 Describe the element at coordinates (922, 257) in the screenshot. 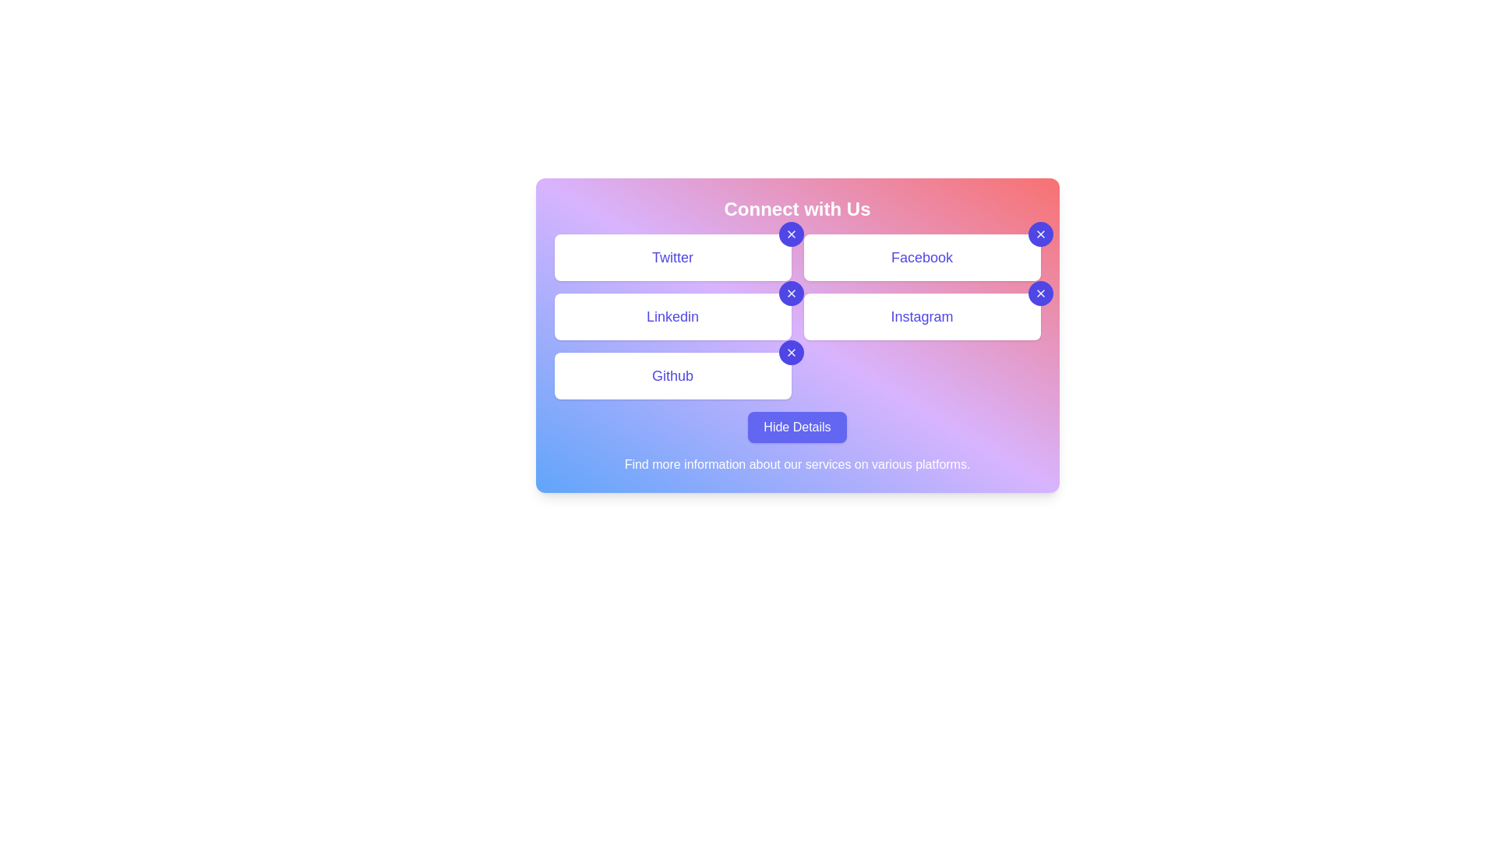

I see `the static text label displaying the word 'Facebook', which is styled in indigo color and prominently sized, located at the top right of a two-column layout` at that location.